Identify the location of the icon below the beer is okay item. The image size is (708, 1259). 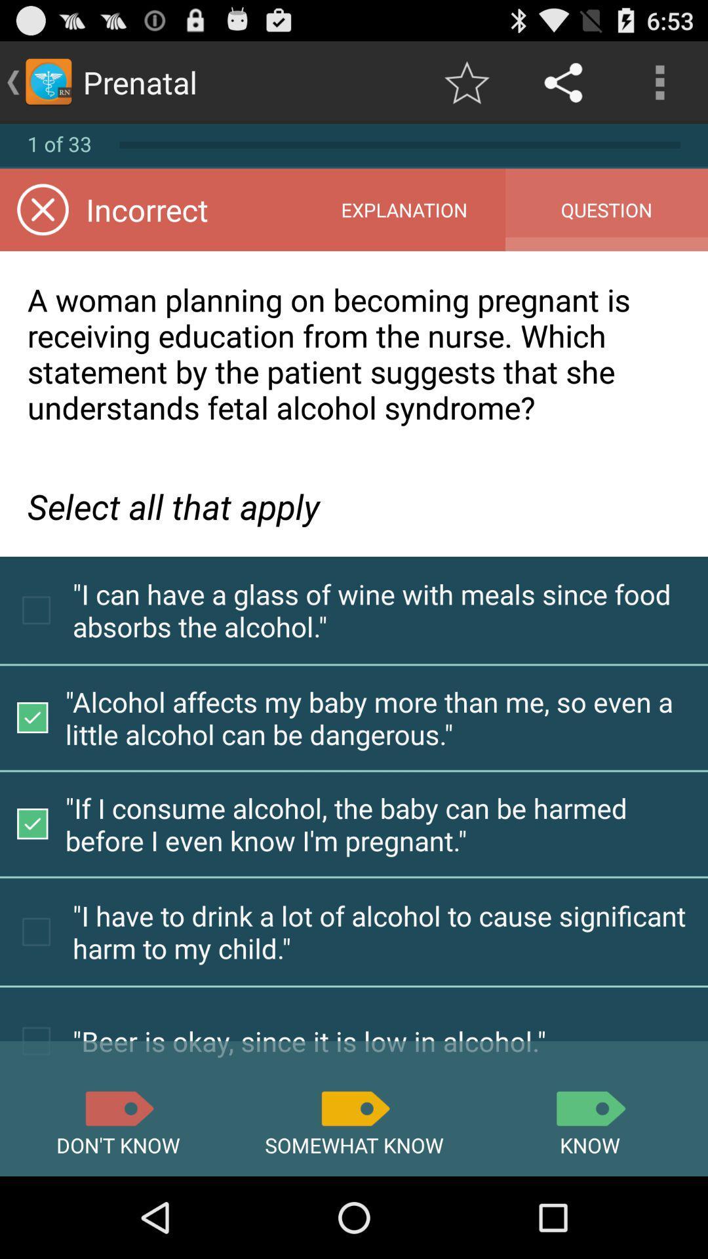
(354, 1108).